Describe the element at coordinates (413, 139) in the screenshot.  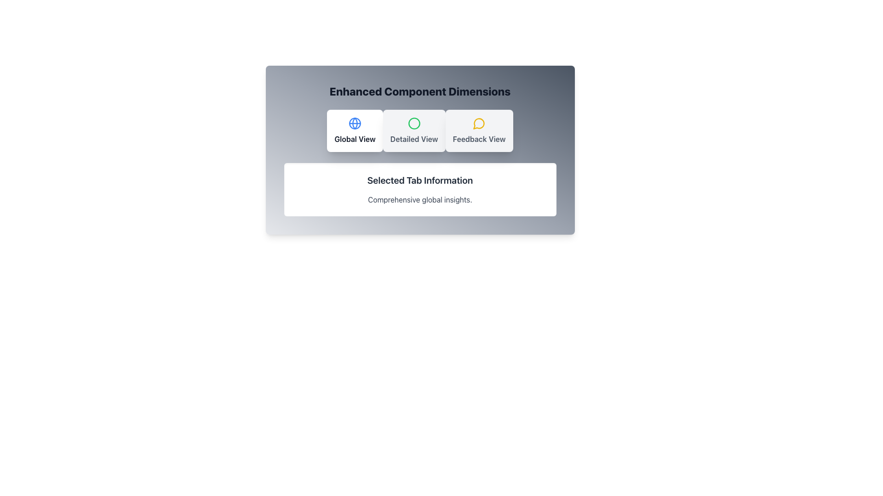
I see `text labeled 'Detailed View' which is styled in bold gray within the middle card of three under the heading 'Enhanced Component Dimensions'` at that location.